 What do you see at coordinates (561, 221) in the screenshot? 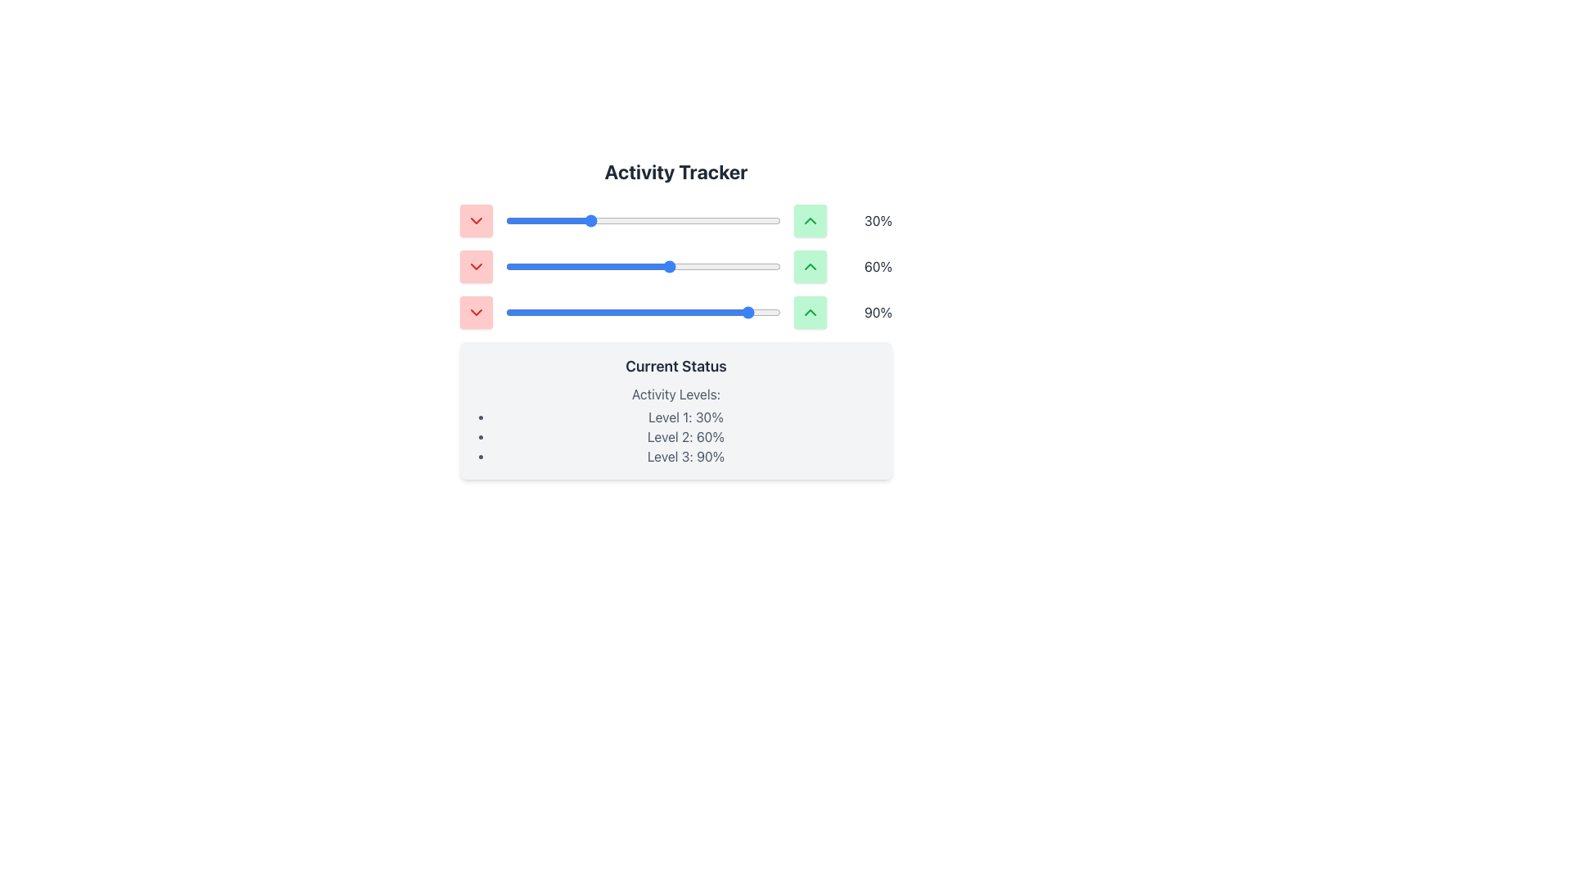
I see `slider` at bounding box center [561, 221].